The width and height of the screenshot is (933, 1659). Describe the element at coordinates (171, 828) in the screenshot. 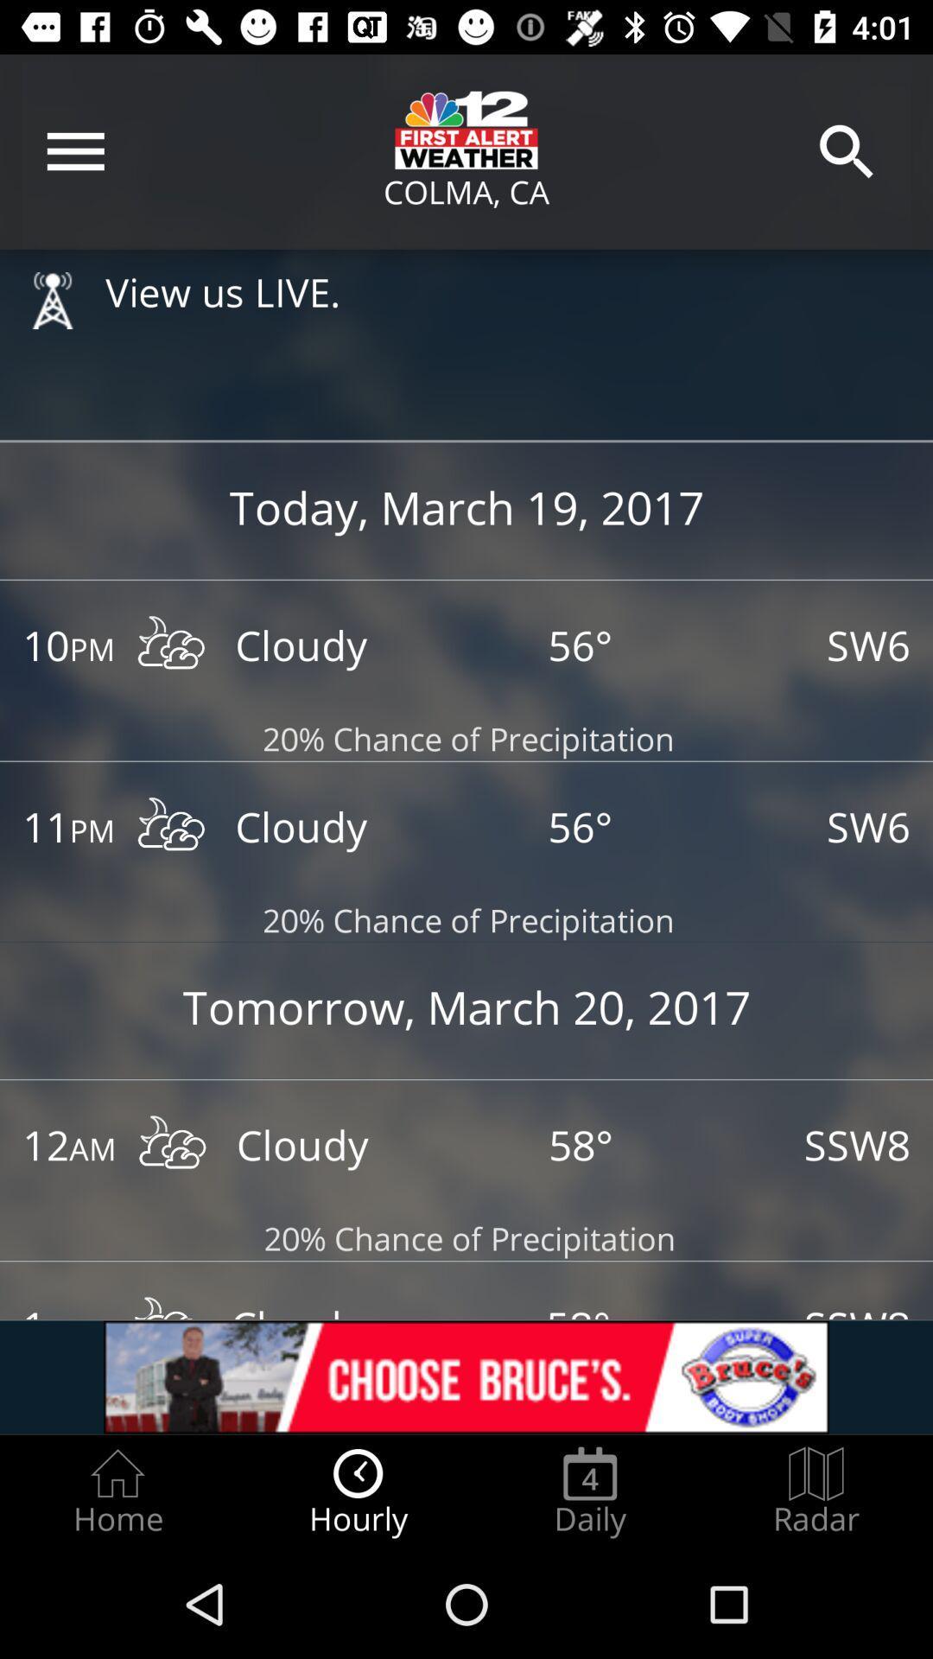

I see `cloud symbol between 11pm and cloudy` at that location.